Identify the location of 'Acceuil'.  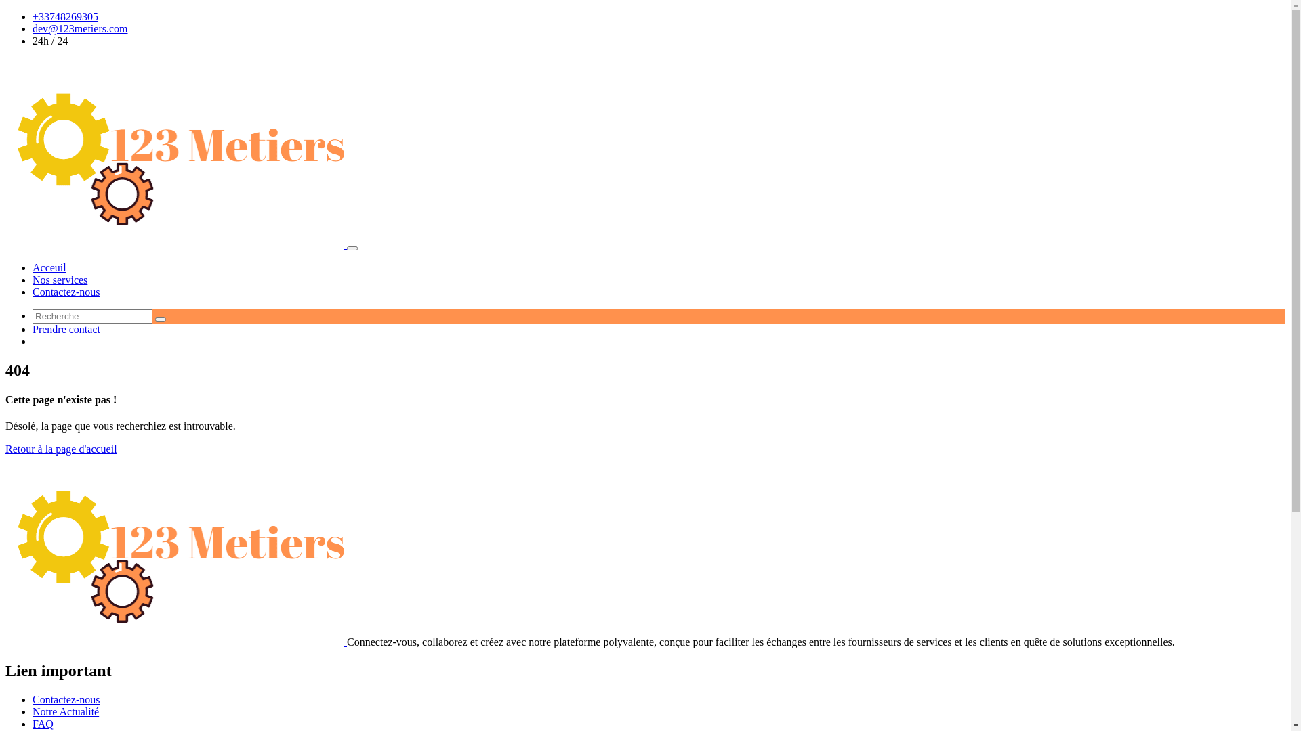
(49, 267).